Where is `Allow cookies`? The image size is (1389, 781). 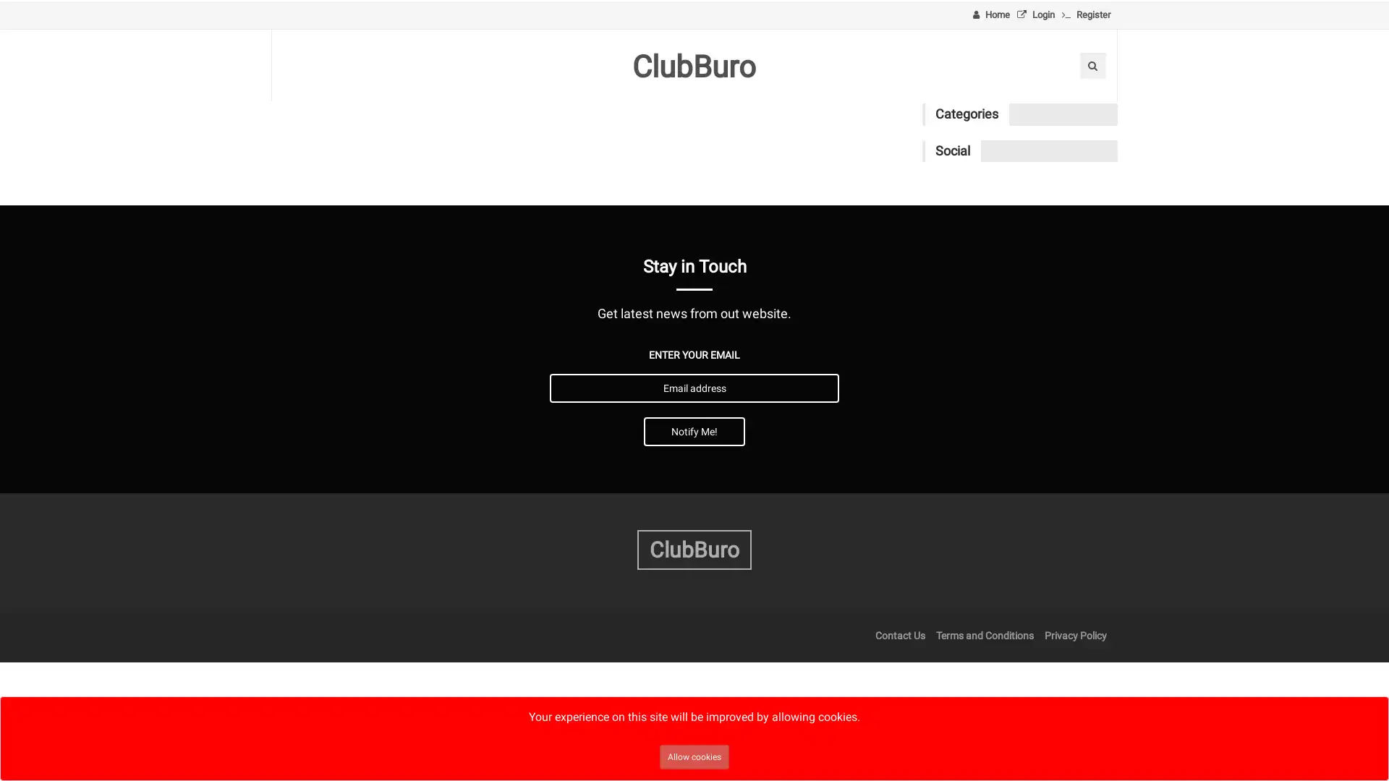 Allow cookies is located at coordinates (694, 756).